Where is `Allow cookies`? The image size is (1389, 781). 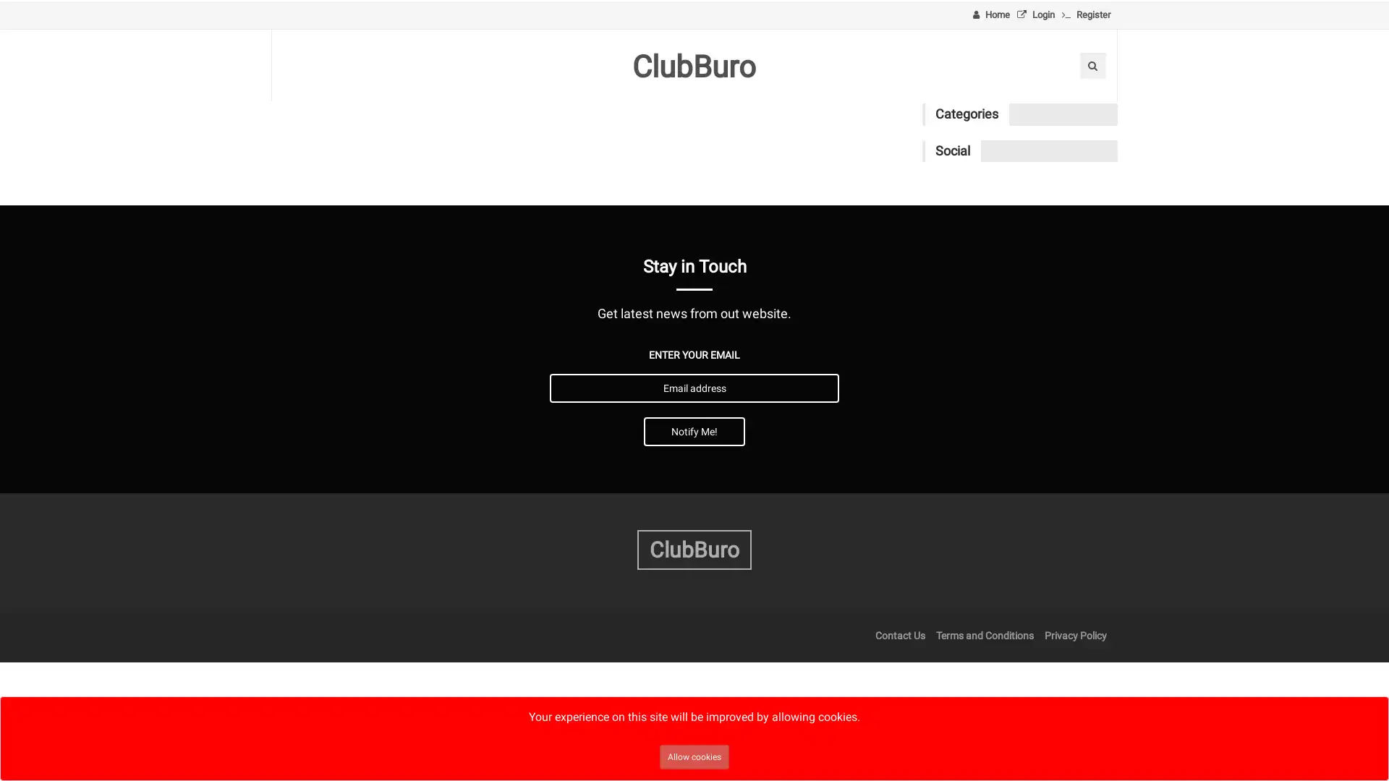 Allow cookies is located at coordinates (694, 756).